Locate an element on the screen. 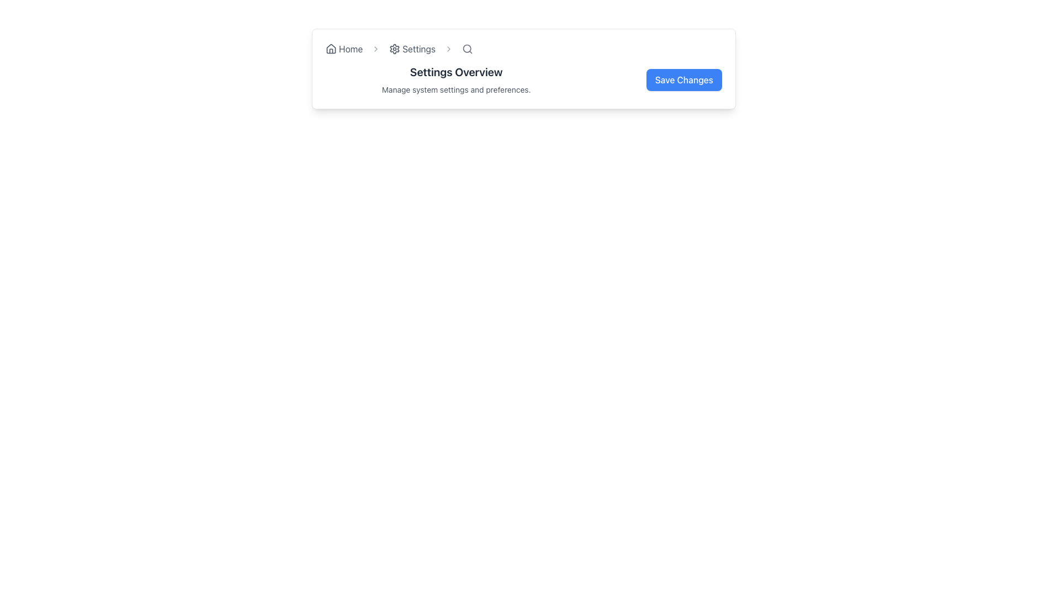 This screenshot has height=596, width=1060. the 'Settings Overview' text block, which prominently displays 'Settings Overview' in a bold and large dark gray font, with a secondary line reading 'Manage system settings and preferences.' in a smaller light gray font is located at coordinates (456, 79).